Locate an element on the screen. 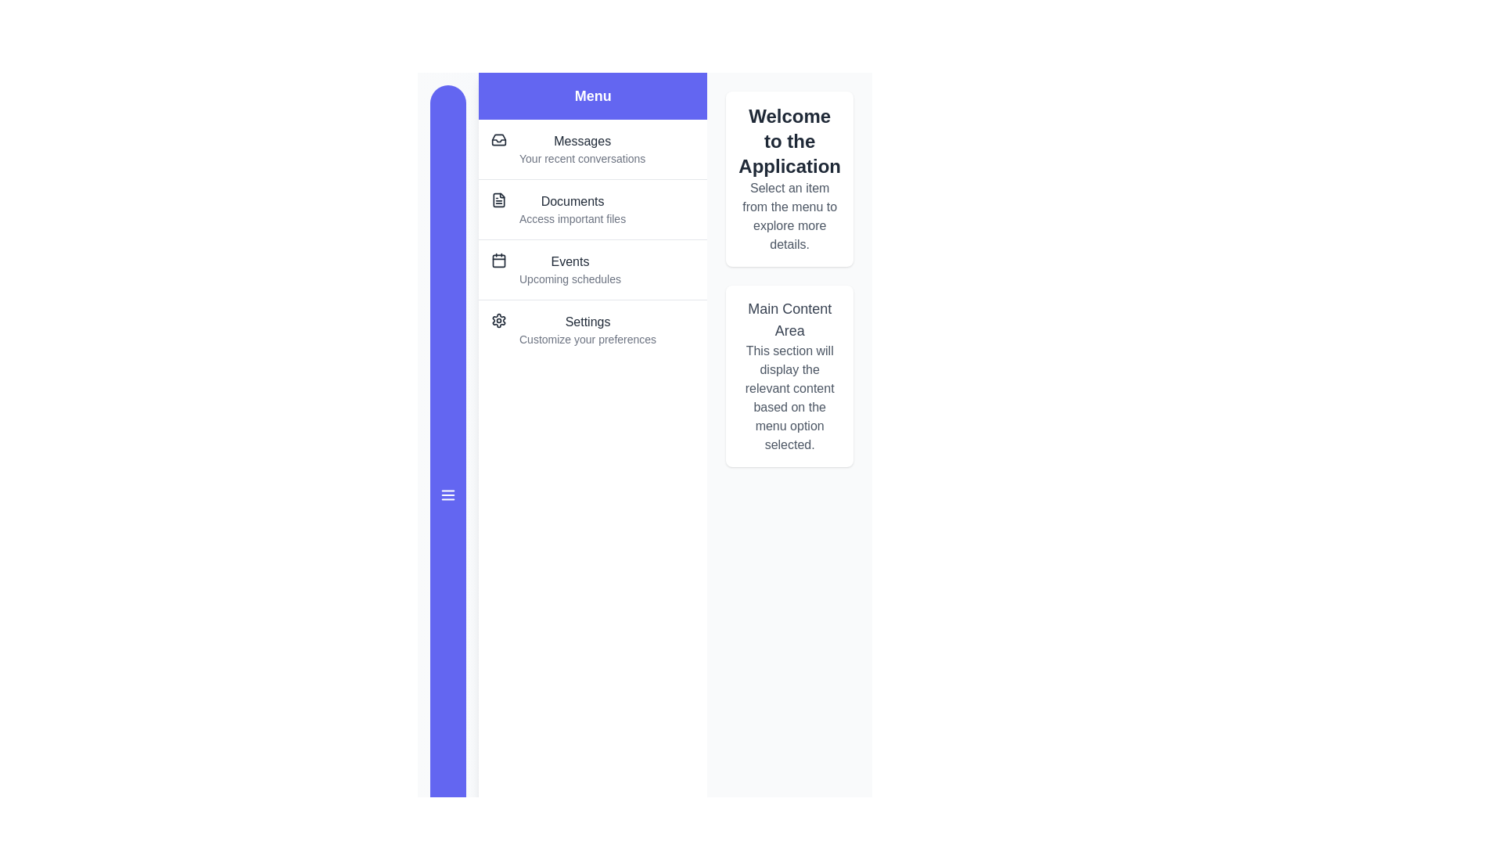 This screenshot has width=1502, height=845. the main content area to focus on it is located at coordinates (789, 376).